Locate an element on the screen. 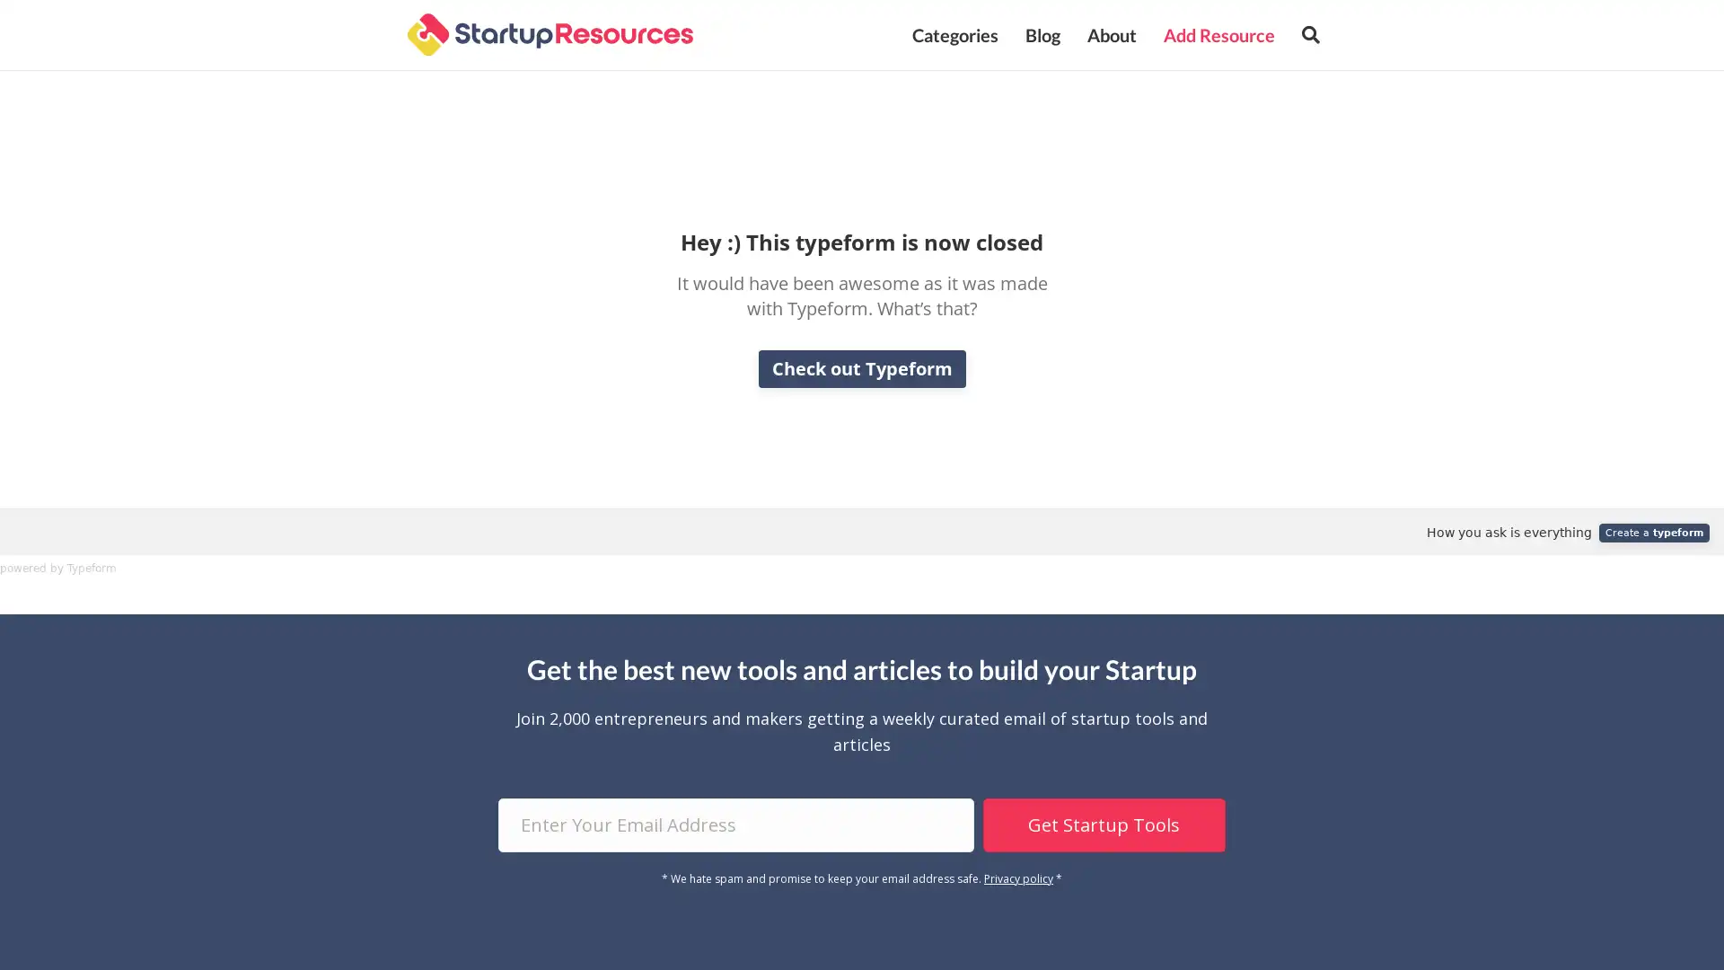  Get Startup Tools is located at coordinates (1102, 824).